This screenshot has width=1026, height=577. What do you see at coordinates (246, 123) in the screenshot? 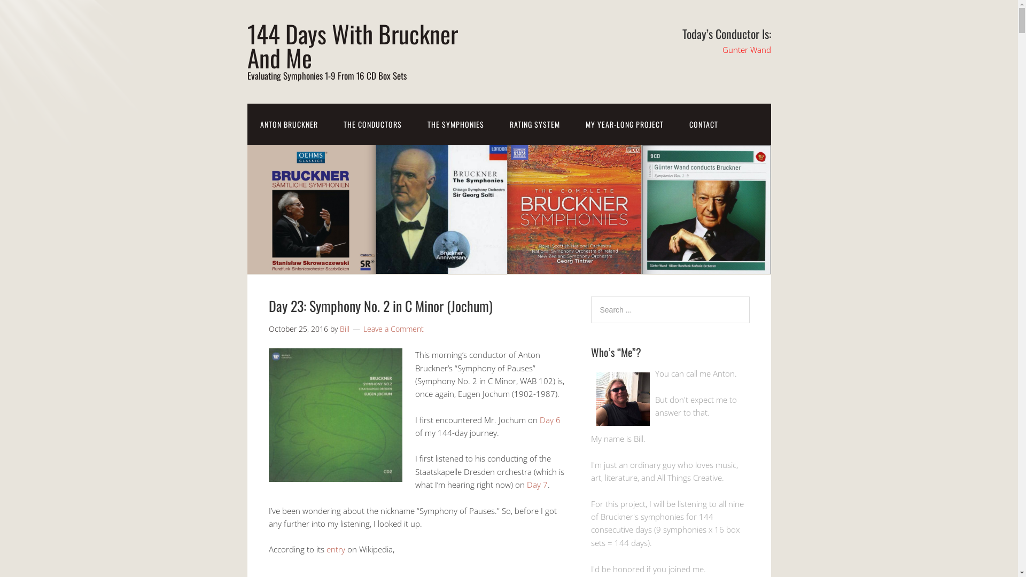
I see `'ANTON BRUCKNER'` at bounding box center [246, 123].